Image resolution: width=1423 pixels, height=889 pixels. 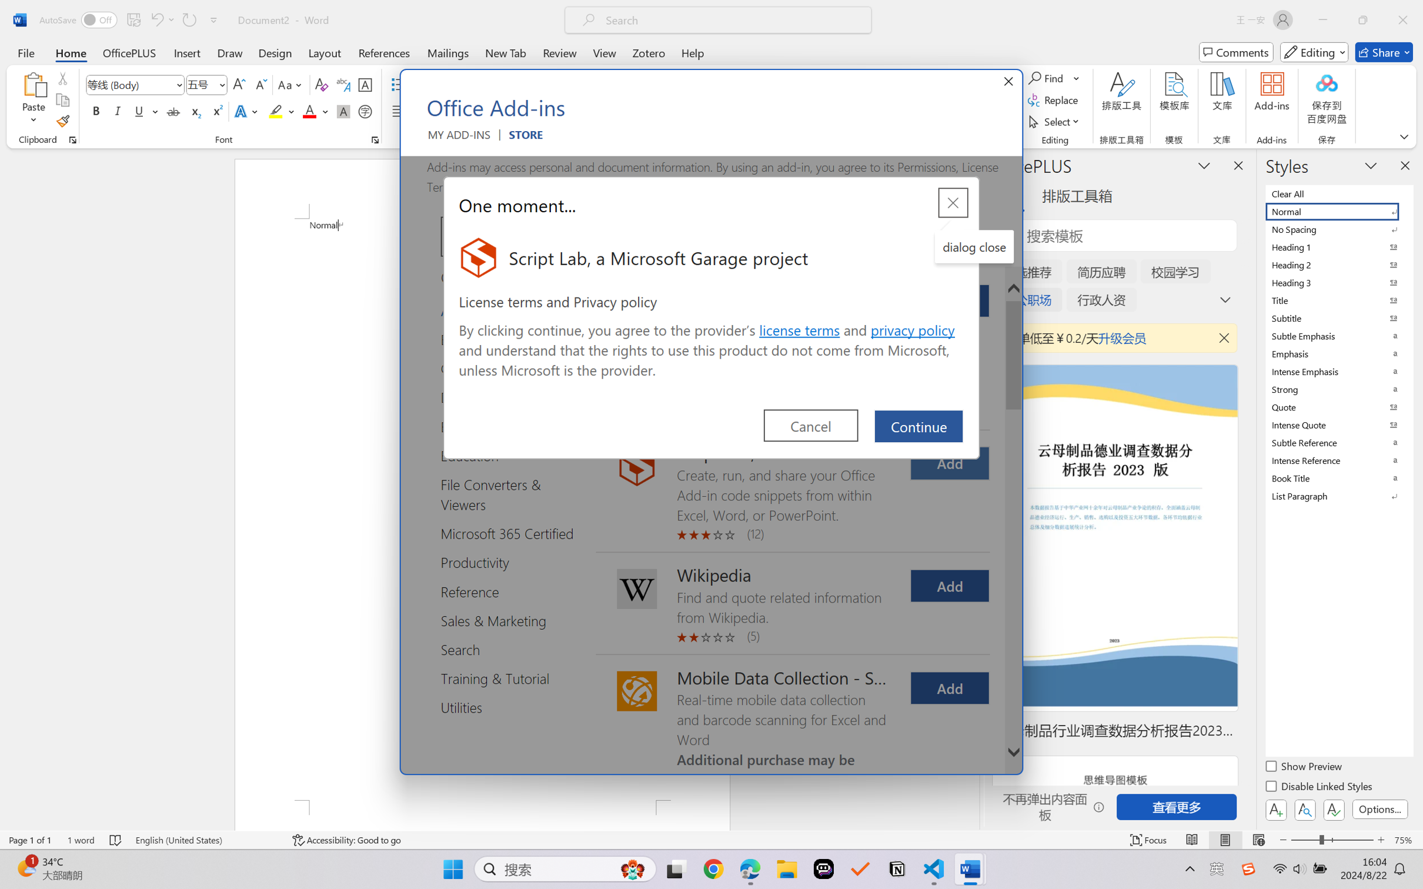 I want to click on 'Font Color', so click(x=315, y=111).